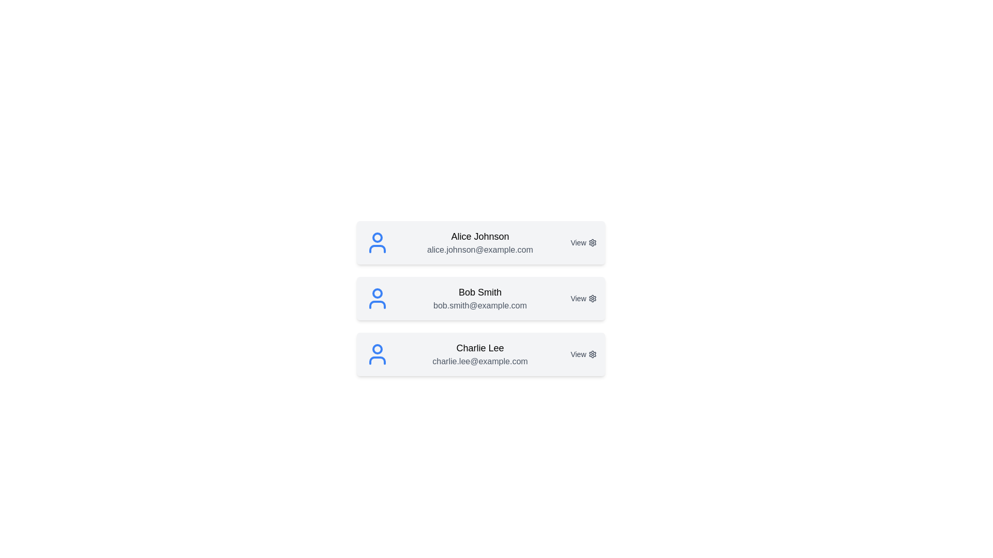  What do you see at coordinates (592, 354) in the screenshot?
I see `the settings gear icon, which is a small circular gear icon with visible teeth, located to the right of the 'View' text area in the row for 'Charlie Lee'` at bounding box center [592, 354].